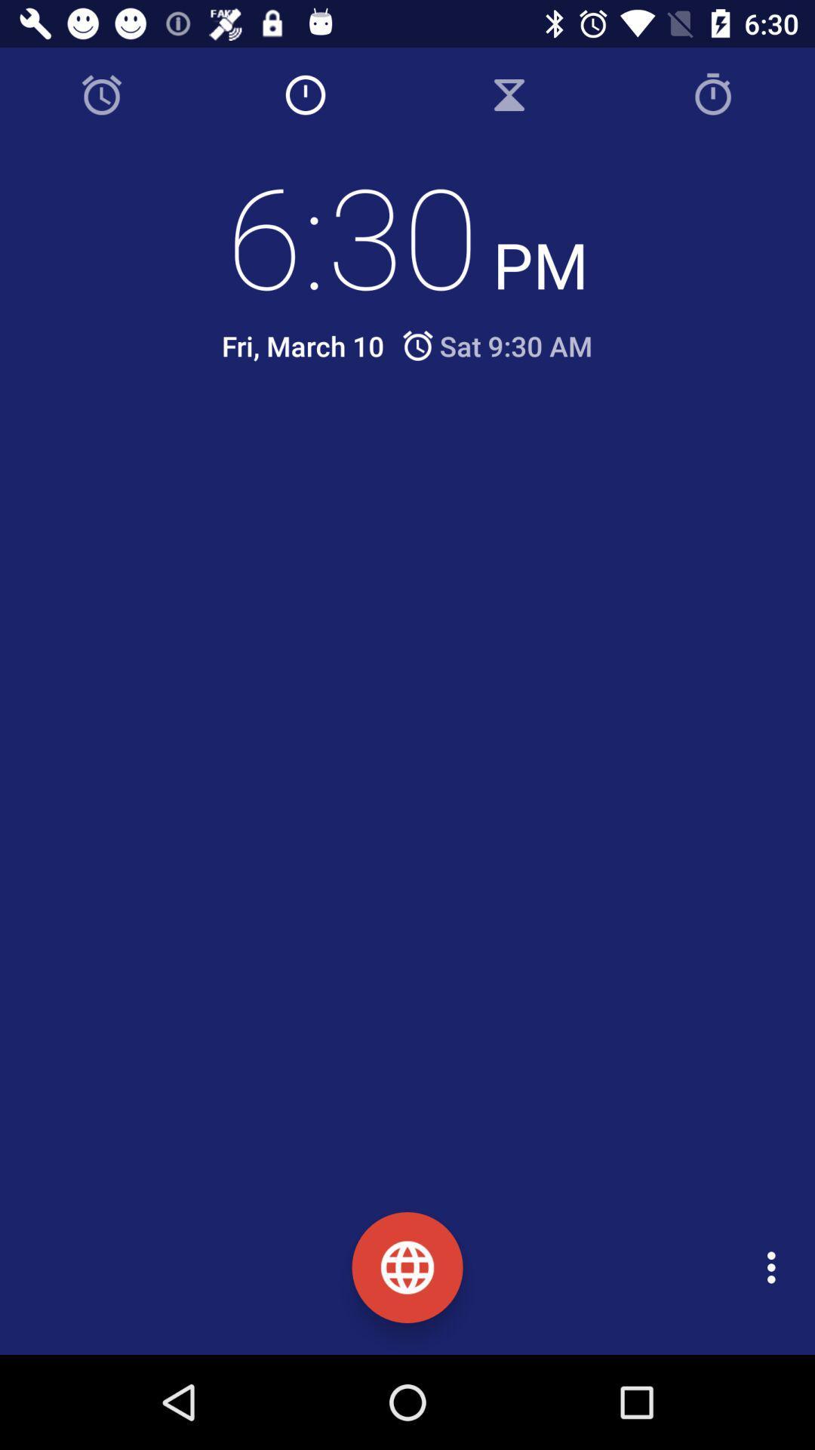  What do you see at coordinates (496, 345) in the screenshot?
I see `the item next to the fri, march 10` at bounding box center [496, 345].